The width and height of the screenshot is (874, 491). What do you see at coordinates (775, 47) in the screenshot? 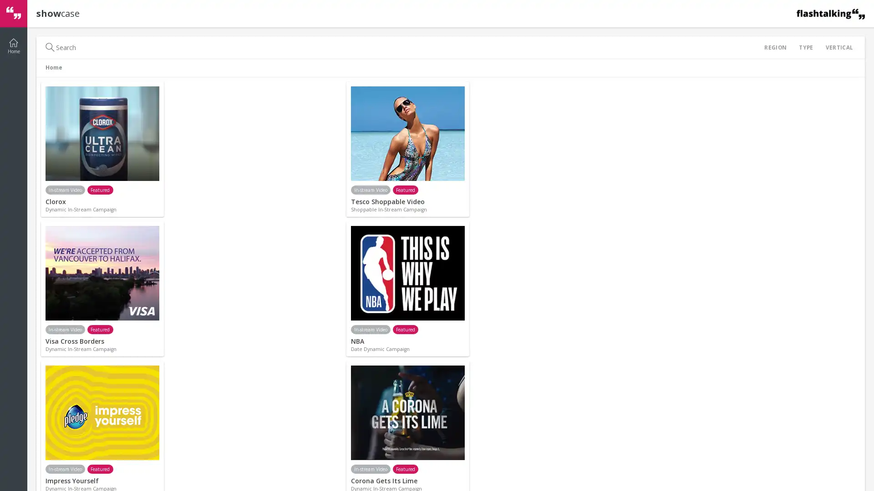
I see `REGION` at bounding box center [775, 47].